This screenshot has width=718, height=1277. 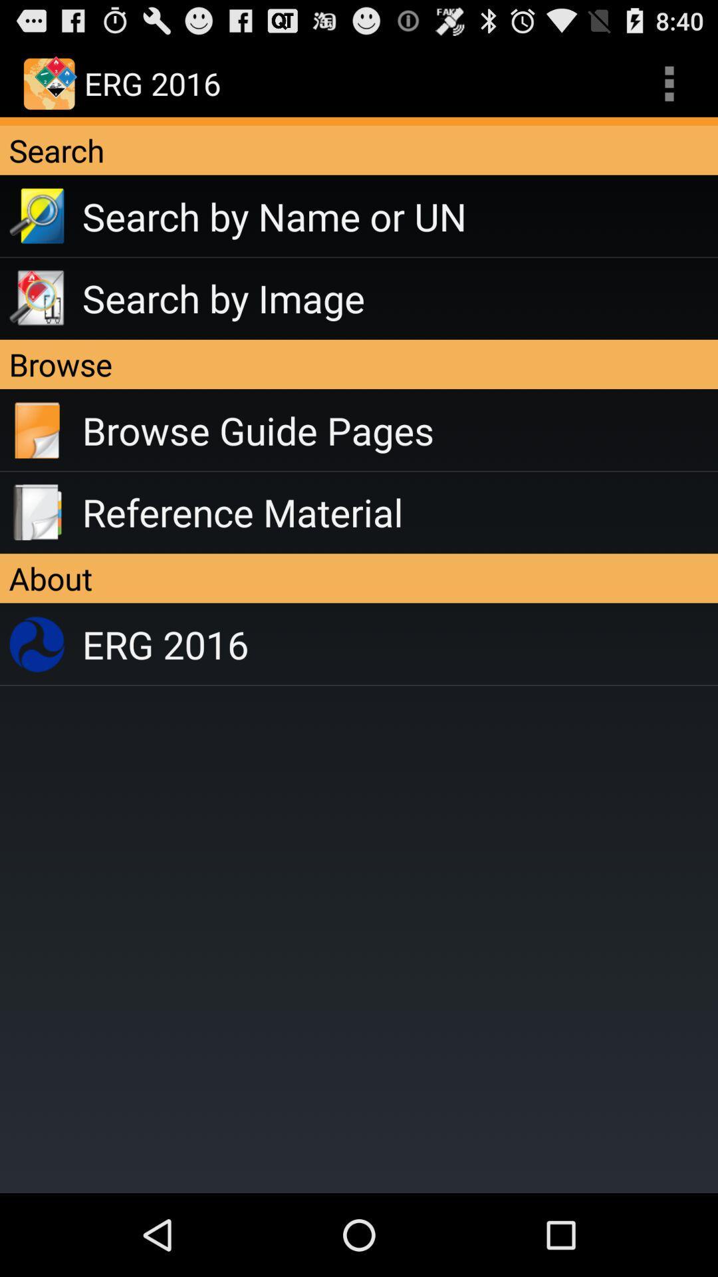 I want to click on app to the right of the erg 2016 app, so click(x=669, y=82).